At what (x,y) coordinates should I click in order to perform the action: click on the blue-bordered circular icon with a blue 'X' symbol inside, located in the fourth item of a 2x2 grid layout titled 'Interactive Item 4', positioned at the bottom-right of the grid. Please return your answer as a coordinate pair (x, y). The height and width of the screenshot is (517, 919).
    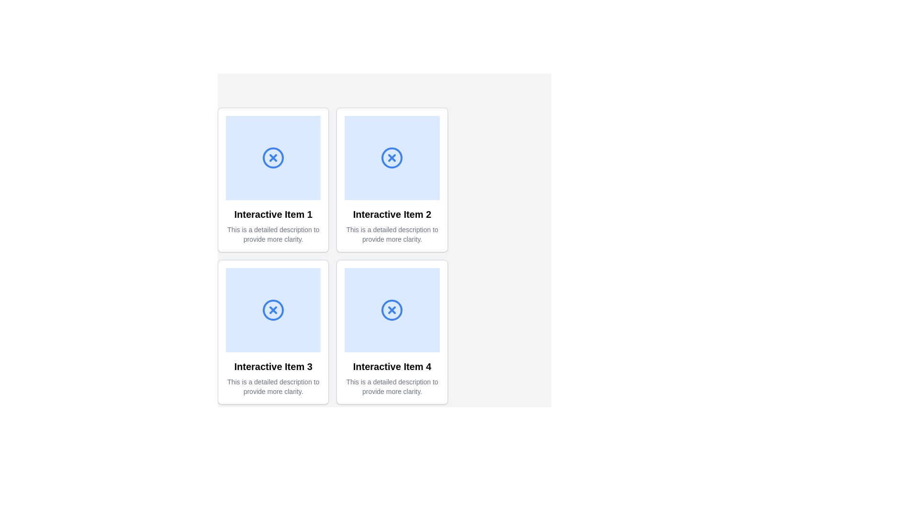
    Looking at the image, I should click on (392, 310).